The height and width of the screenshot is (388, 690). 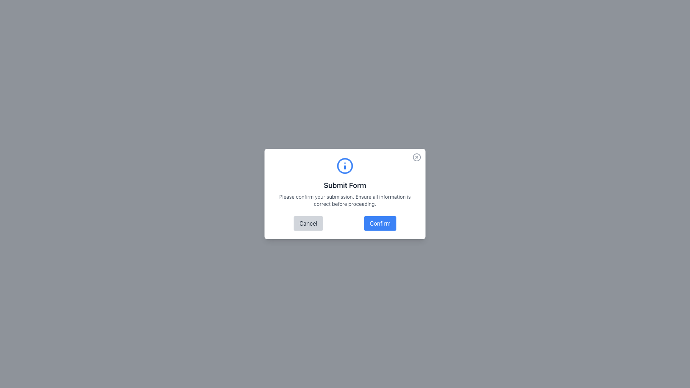 What do you see at coordinates (308, 223) in the screenshot?
I see `the cancellation button located in the lower-left portion of the modal dialog box` at bounding box center [308, 223].